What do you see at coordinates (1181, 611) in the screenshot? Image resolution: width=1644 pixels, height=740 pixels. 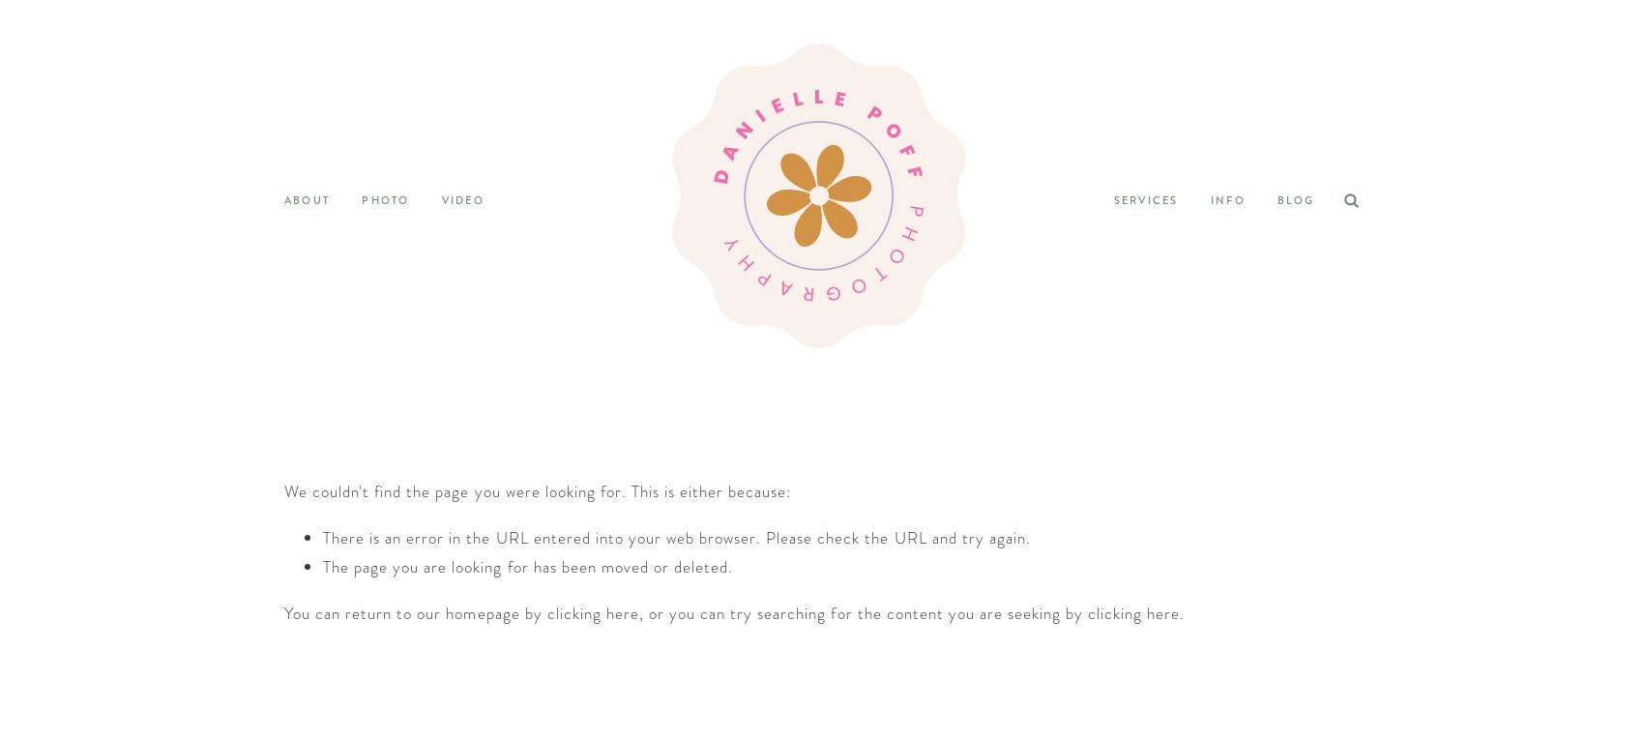 I see `'.'` at bounding box center [1181, 611].